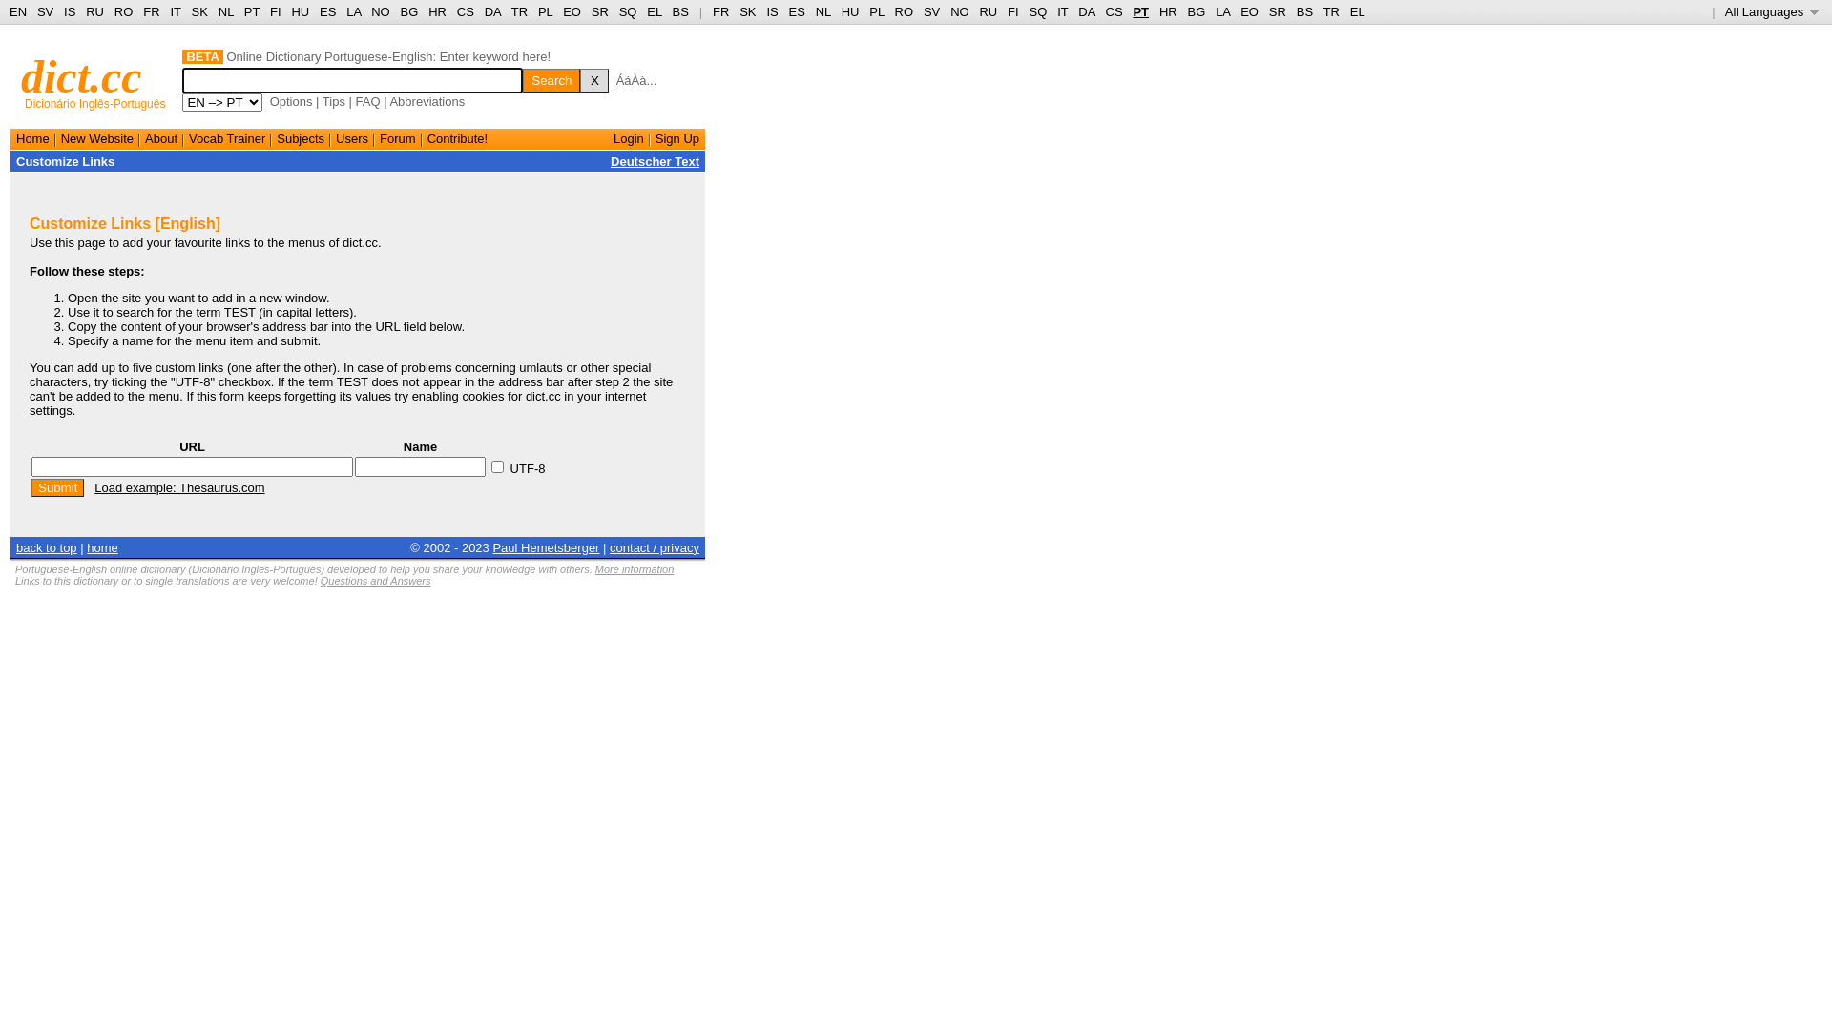 The height and width of the screenshot is (1030, 1832). Describe the element at coordinates (408, 11) in the screenshot. I see `'BG'` at that location.